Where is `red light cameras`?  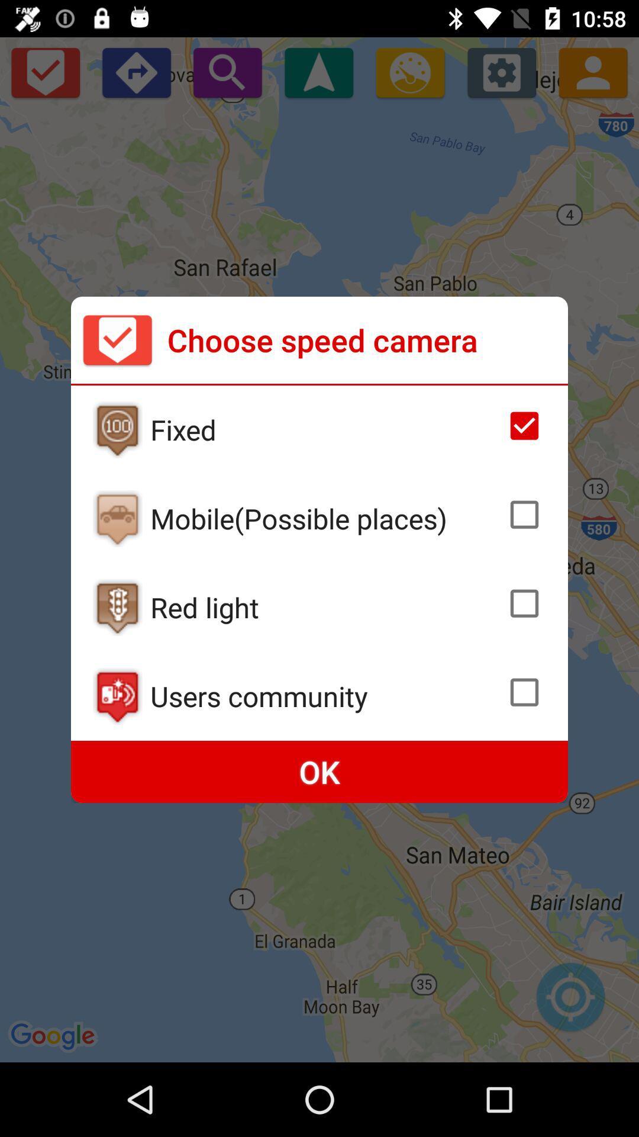
red light cameras is located at coordinates (524, 603).